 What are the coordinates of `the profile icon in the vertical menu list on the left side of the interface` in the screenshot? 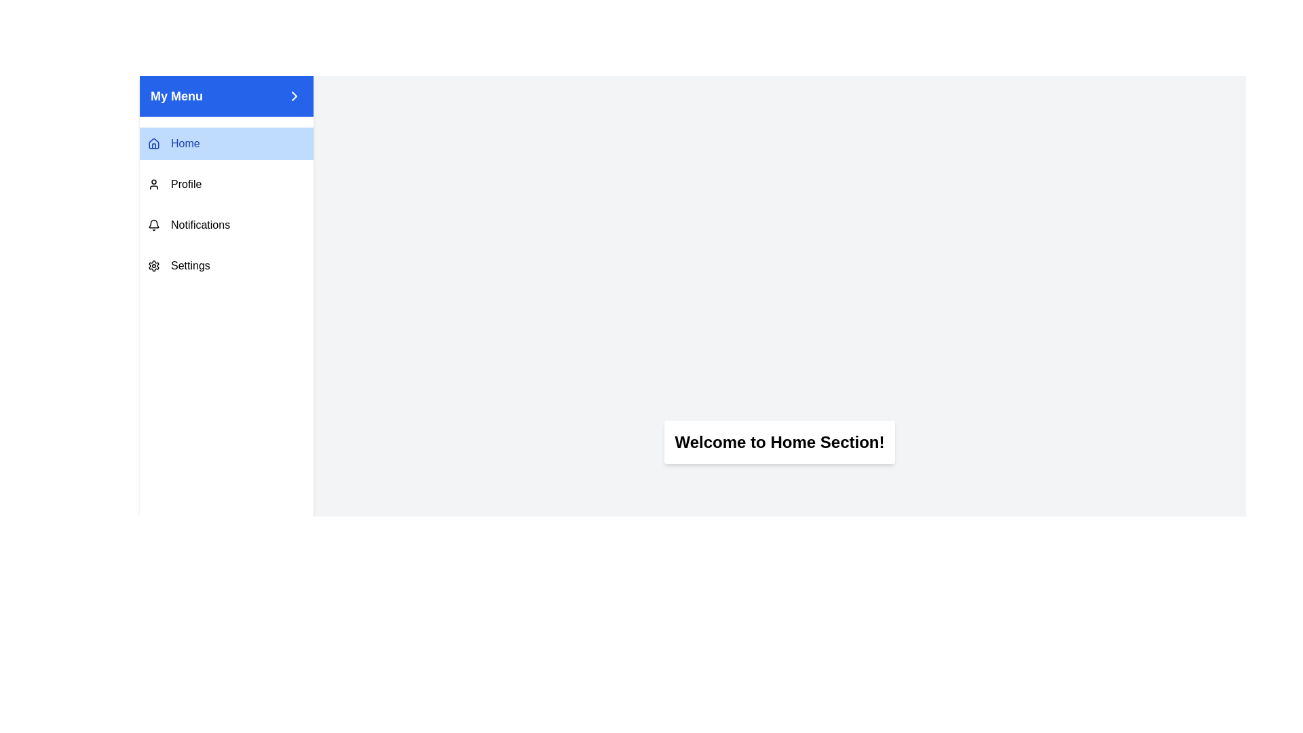 It's located at (153, 185).